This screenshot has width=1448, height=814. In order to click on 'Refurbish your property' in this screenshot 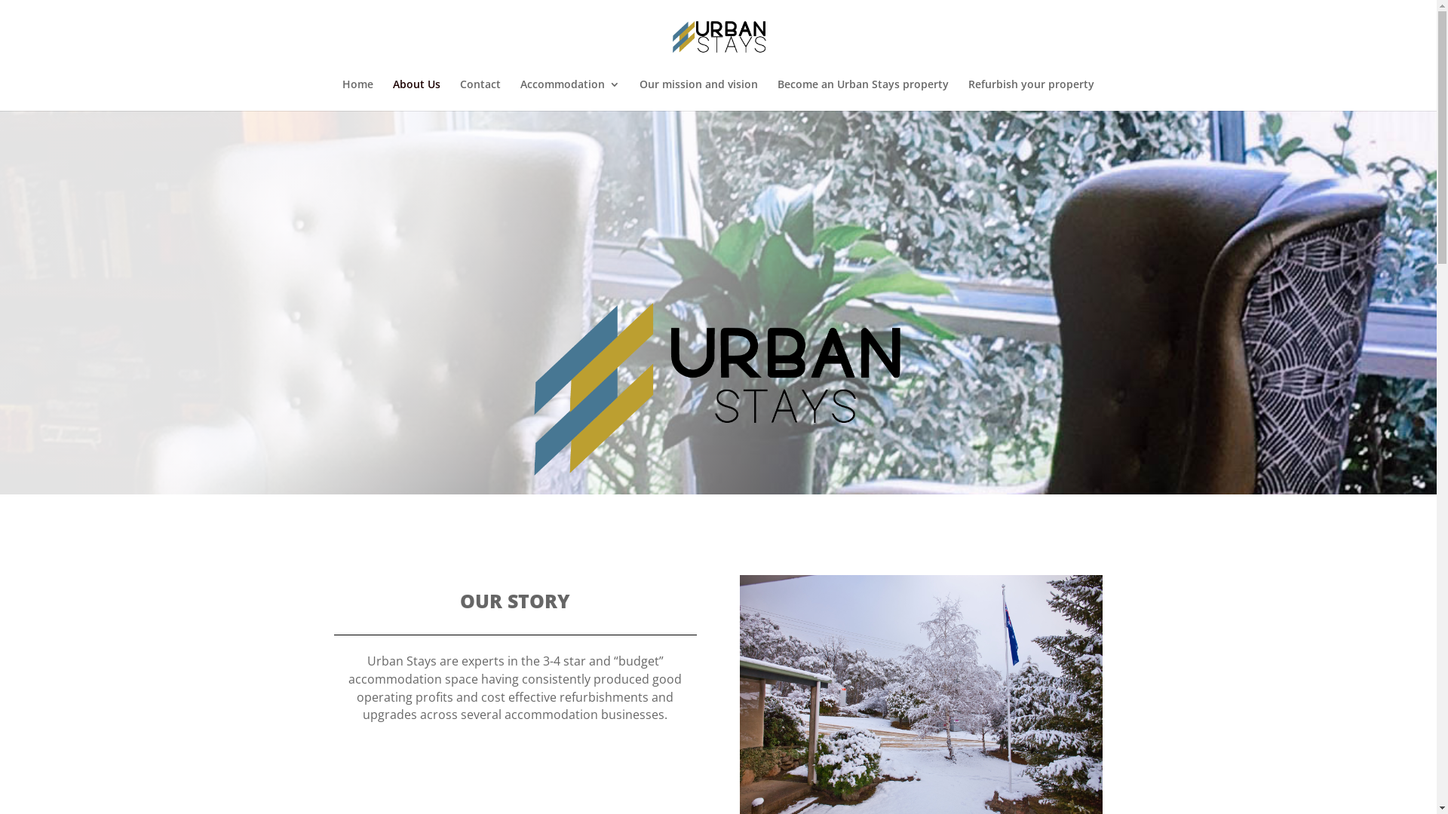, I will do `click(968, 95)`.